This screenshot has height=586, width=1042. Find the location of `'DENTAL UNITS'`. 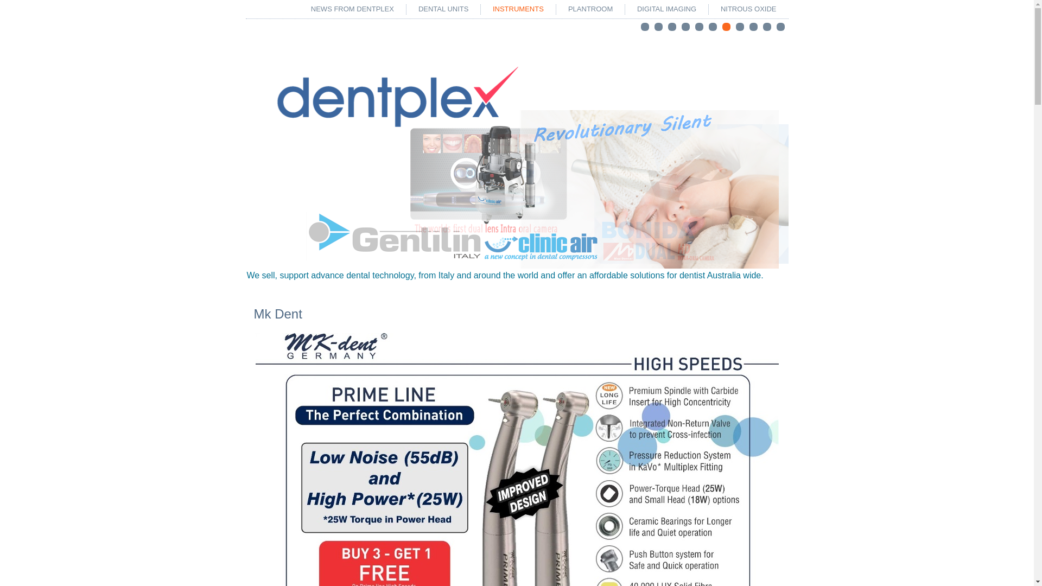

'DENTAL UNITS' is located at coordinates (408, 9).